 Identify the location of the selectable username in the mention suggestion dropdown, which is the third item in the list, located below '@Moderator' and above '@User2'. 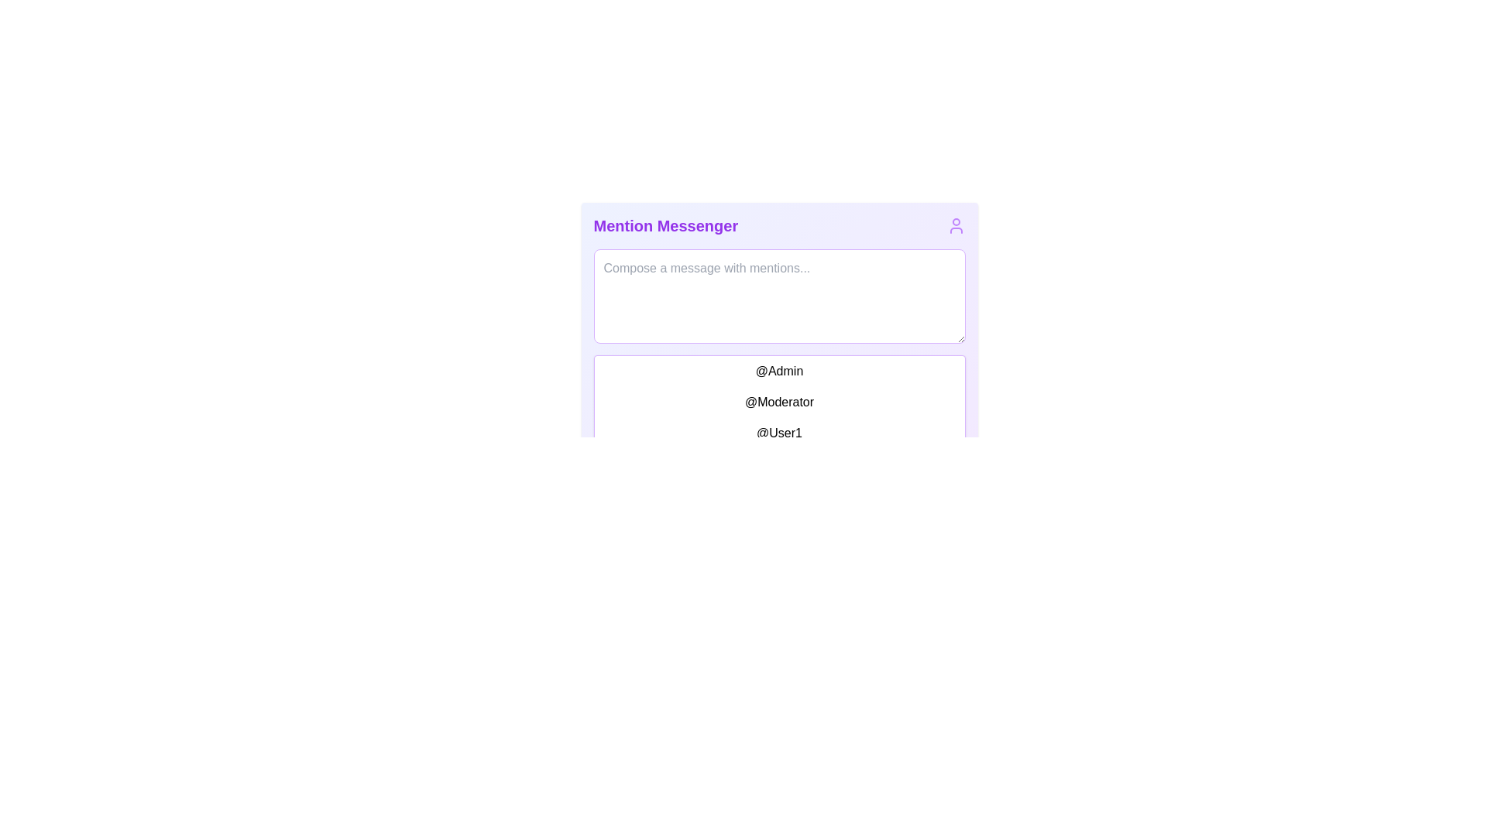
(779, 418).